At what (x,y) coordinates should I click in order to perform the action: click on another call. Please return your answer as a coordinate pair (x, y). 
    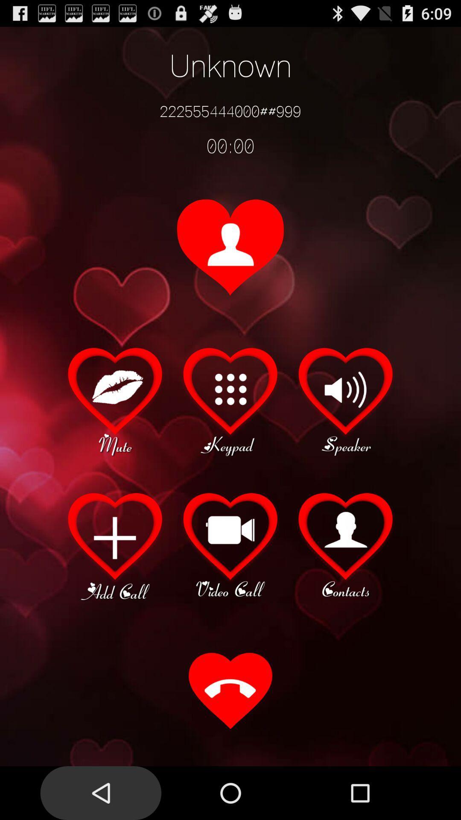
    Looking at the image, I should click on (115, 545).